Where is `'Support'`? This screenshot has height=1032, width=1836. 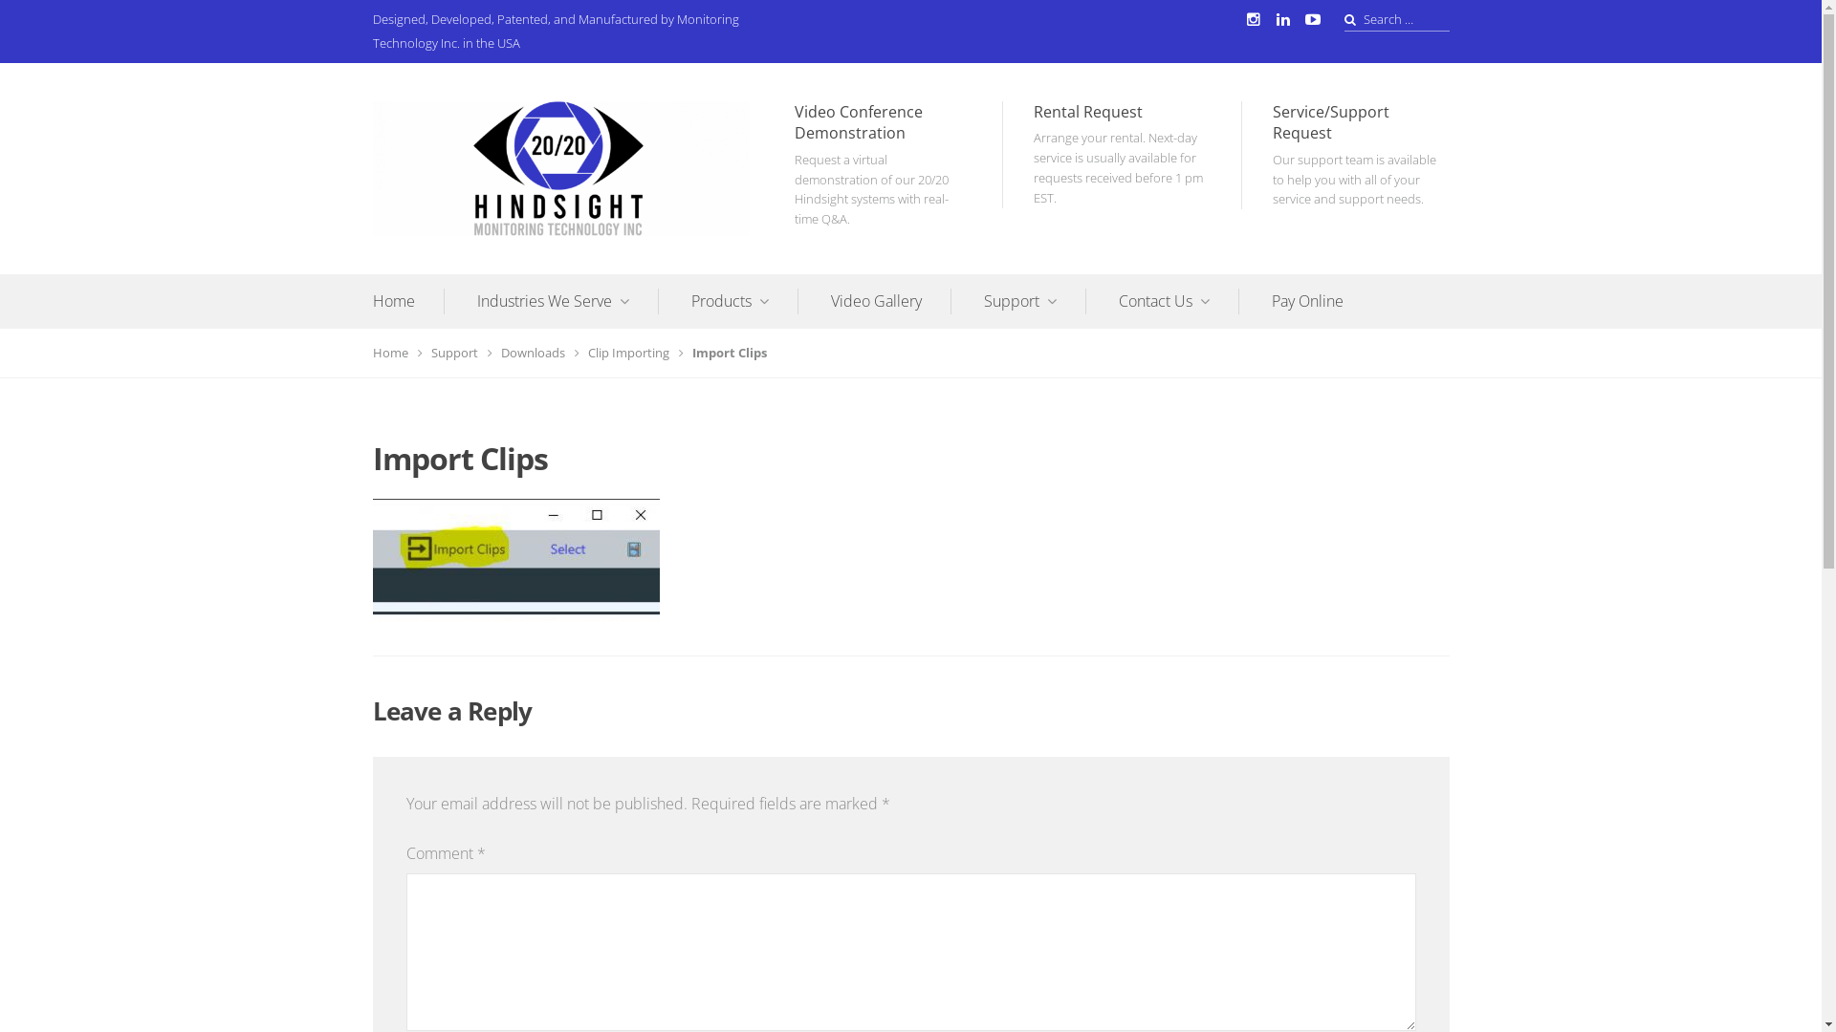 'Support' is located at coordinates (1033, 301).